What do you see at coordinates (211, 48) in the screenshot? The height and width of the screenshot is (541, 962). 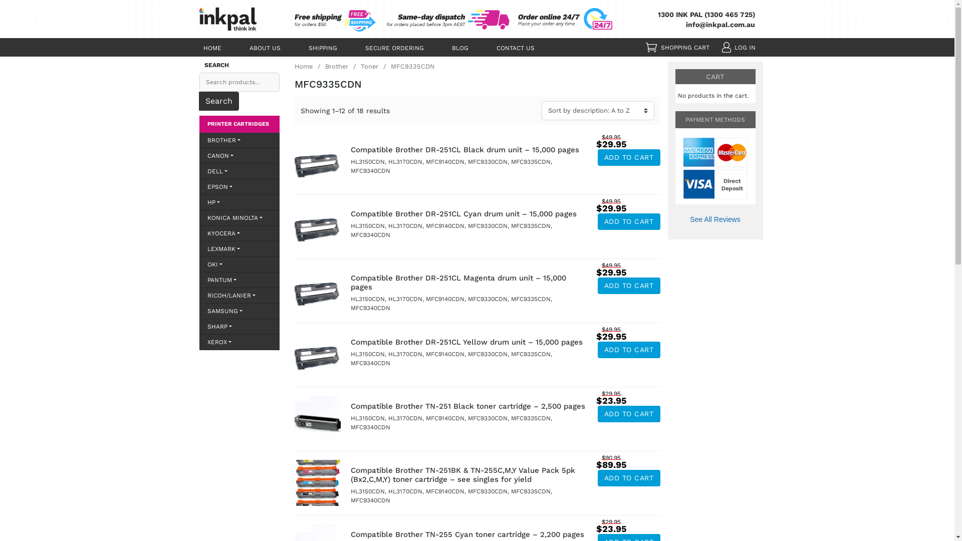 I see `'HOME'` at bounding box center [211, 48].